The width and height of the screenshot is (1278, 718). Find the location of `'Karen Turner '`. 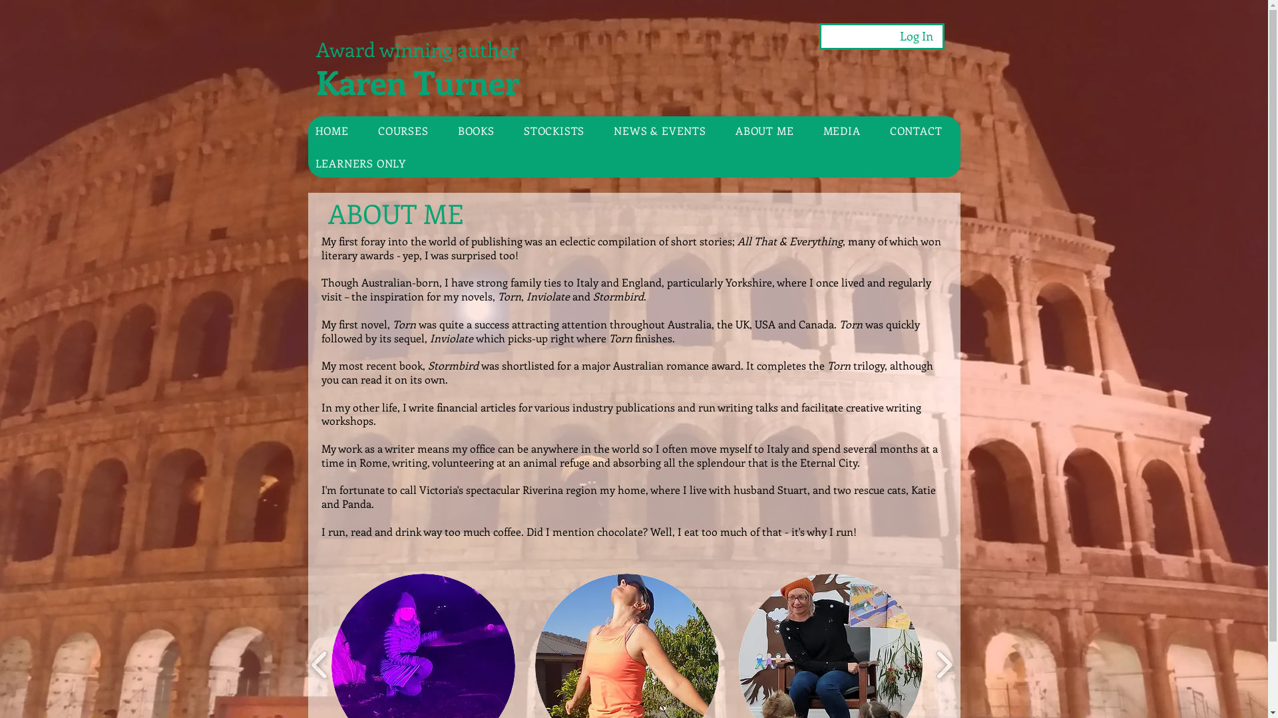

'Karen Turner ' is located at coordinates (420, 81).